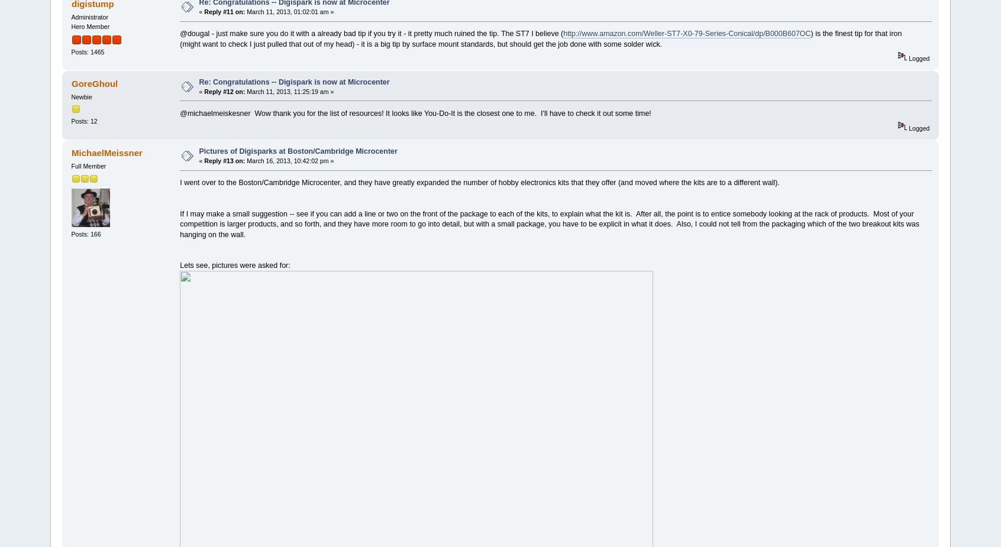 The image size is (1001, 547). I want to click on 'Posts: 12', so click(83, 119).